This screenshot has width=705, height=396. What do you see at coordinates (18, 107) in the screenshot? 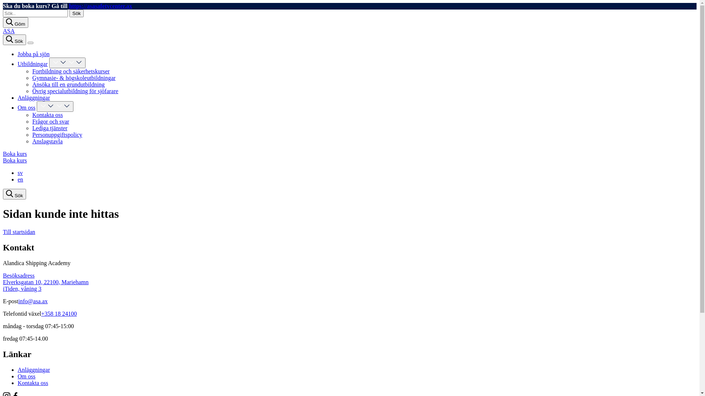
I see `'Om oss'` at bounding box center [18, 107].